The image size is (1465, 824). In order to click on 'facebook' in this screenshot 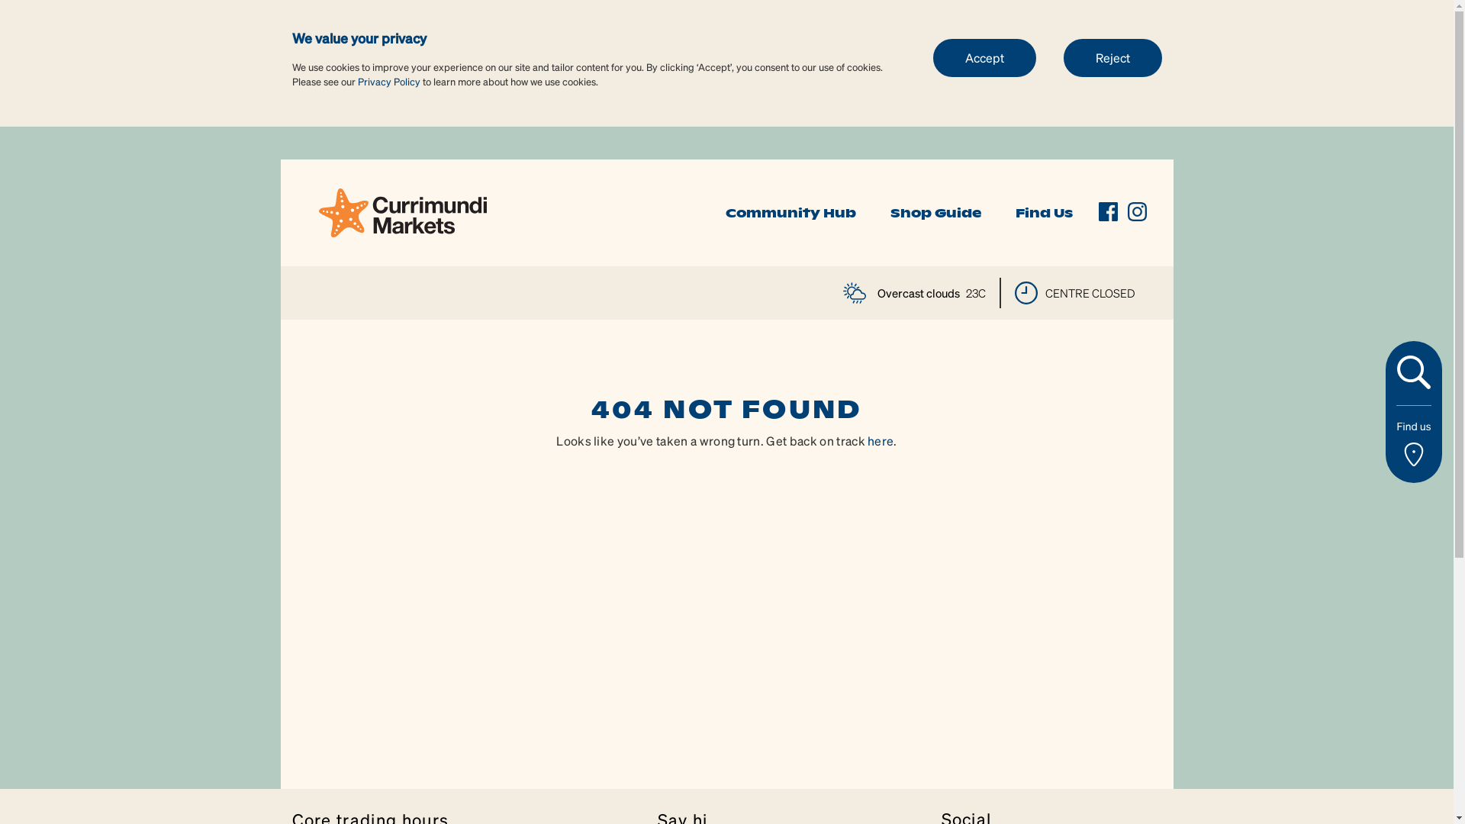, I will do `click(1108, 211)`.